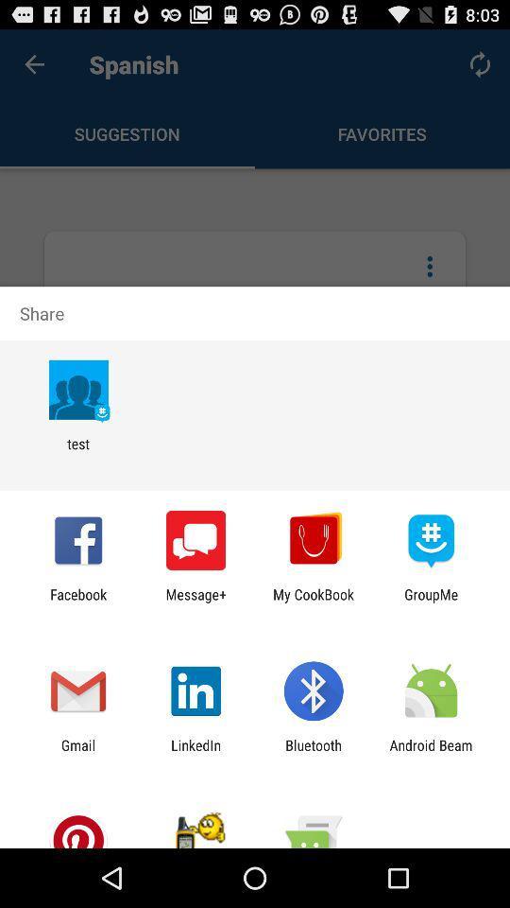 The height and width of the screenshot is (908, 510). I want to click on facebook icon, so click(77, 602).